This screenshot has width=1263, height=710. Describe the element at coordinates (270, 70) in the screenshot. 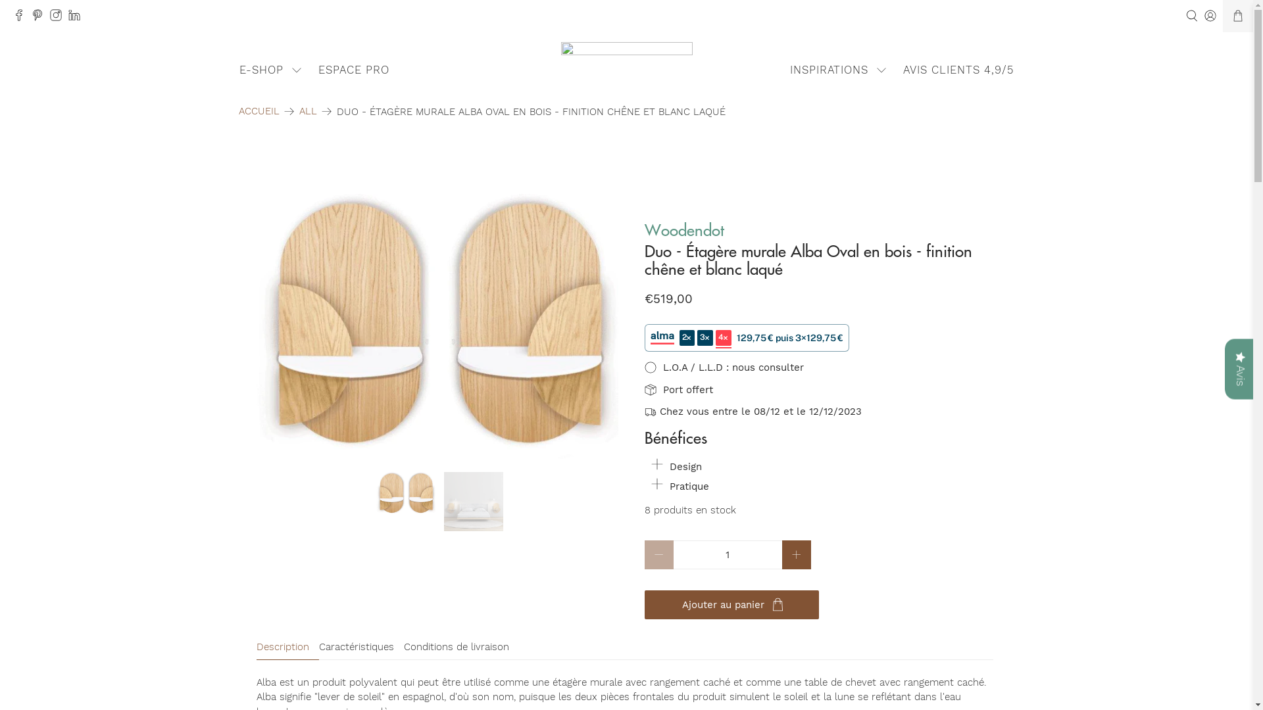

I see `'E-SHOP'` at that location.